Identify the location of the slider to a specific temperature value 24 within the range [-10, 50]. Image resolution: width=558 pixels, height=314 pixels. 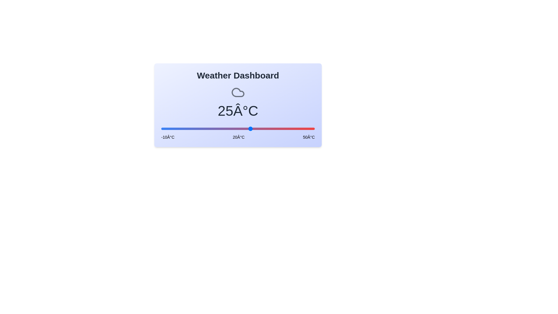
(248, 129).